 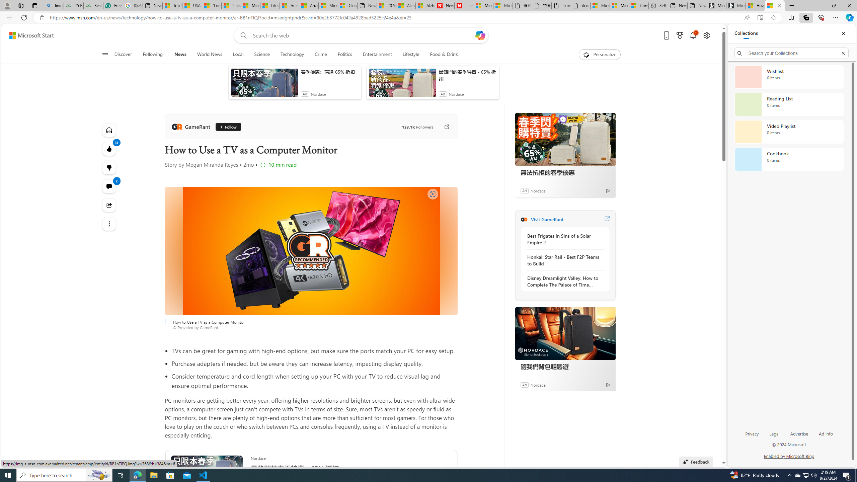 What do you see at coordinates (123, 54) in the screenshot?
I see `'Discover'` at bounding box center [123, 54].